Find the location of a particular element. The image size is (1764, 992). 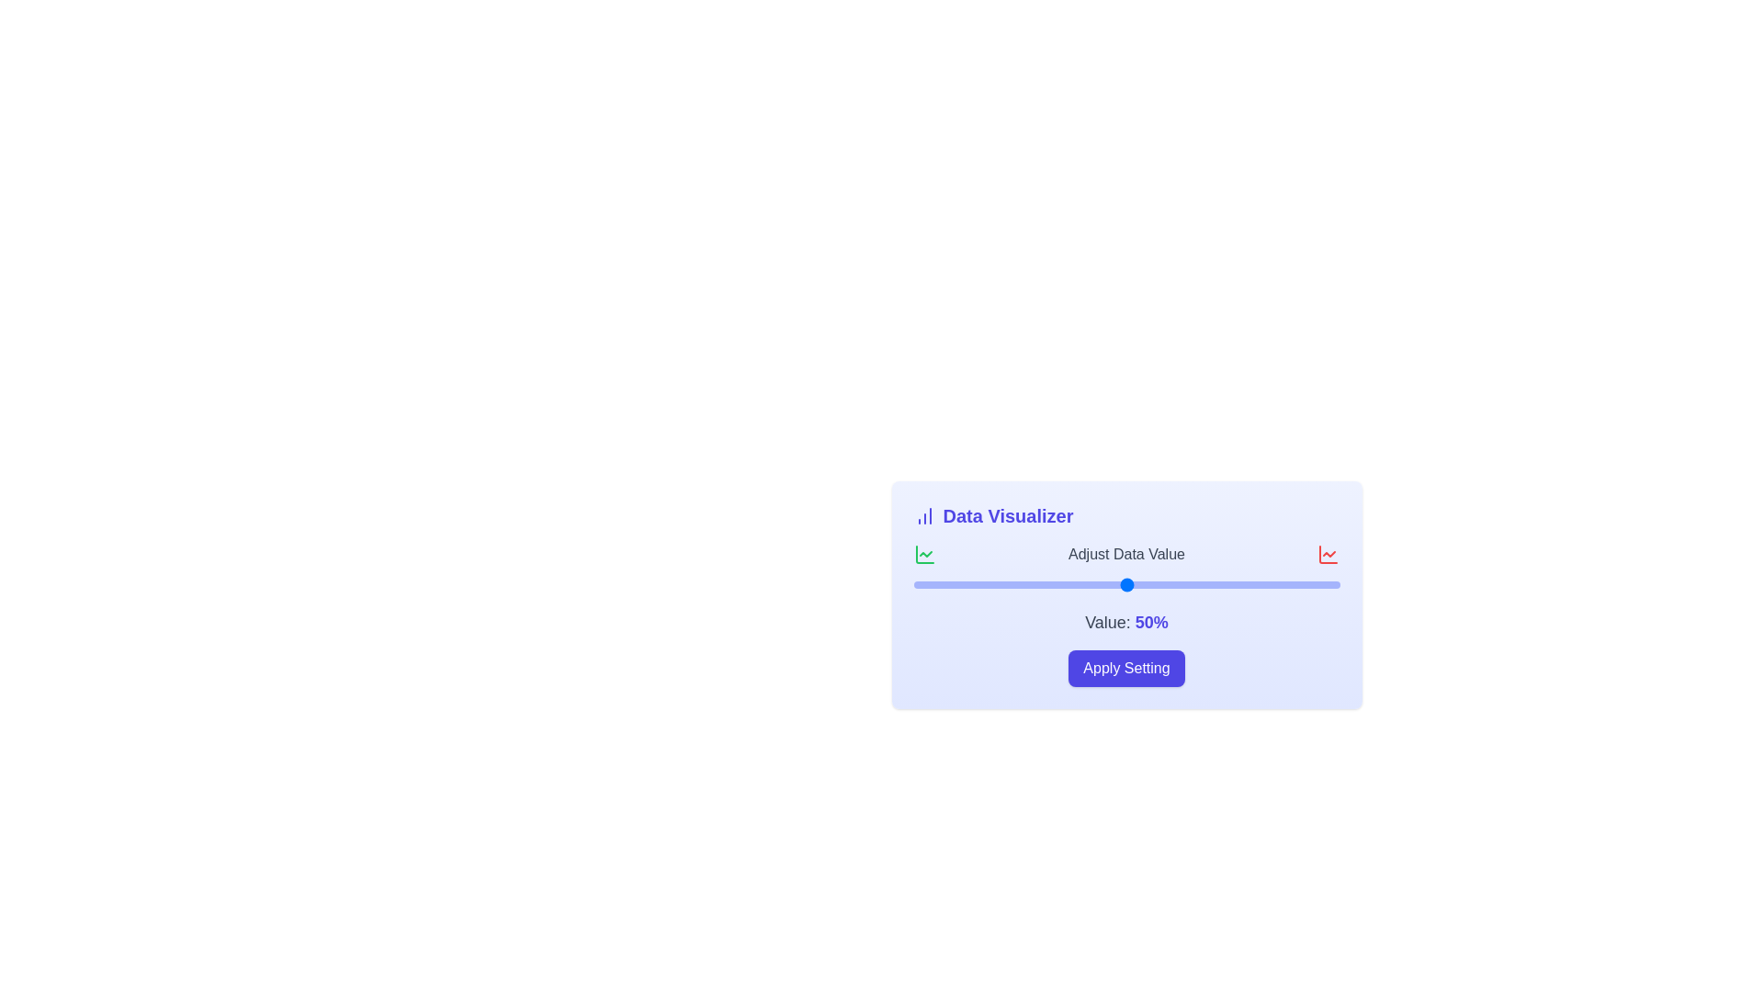

the slider value is located at coordinates (1271, 584).